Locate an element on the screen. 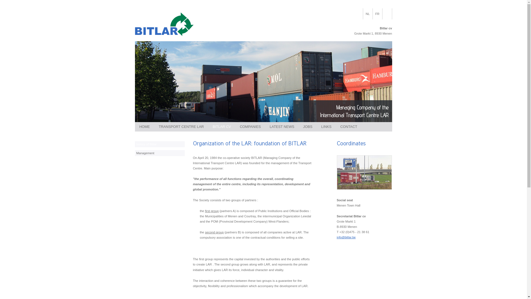 Image resolution: width=531 pixels, height=299 pixels. 'BITLAR CV' is located at coordinates (222, 127).